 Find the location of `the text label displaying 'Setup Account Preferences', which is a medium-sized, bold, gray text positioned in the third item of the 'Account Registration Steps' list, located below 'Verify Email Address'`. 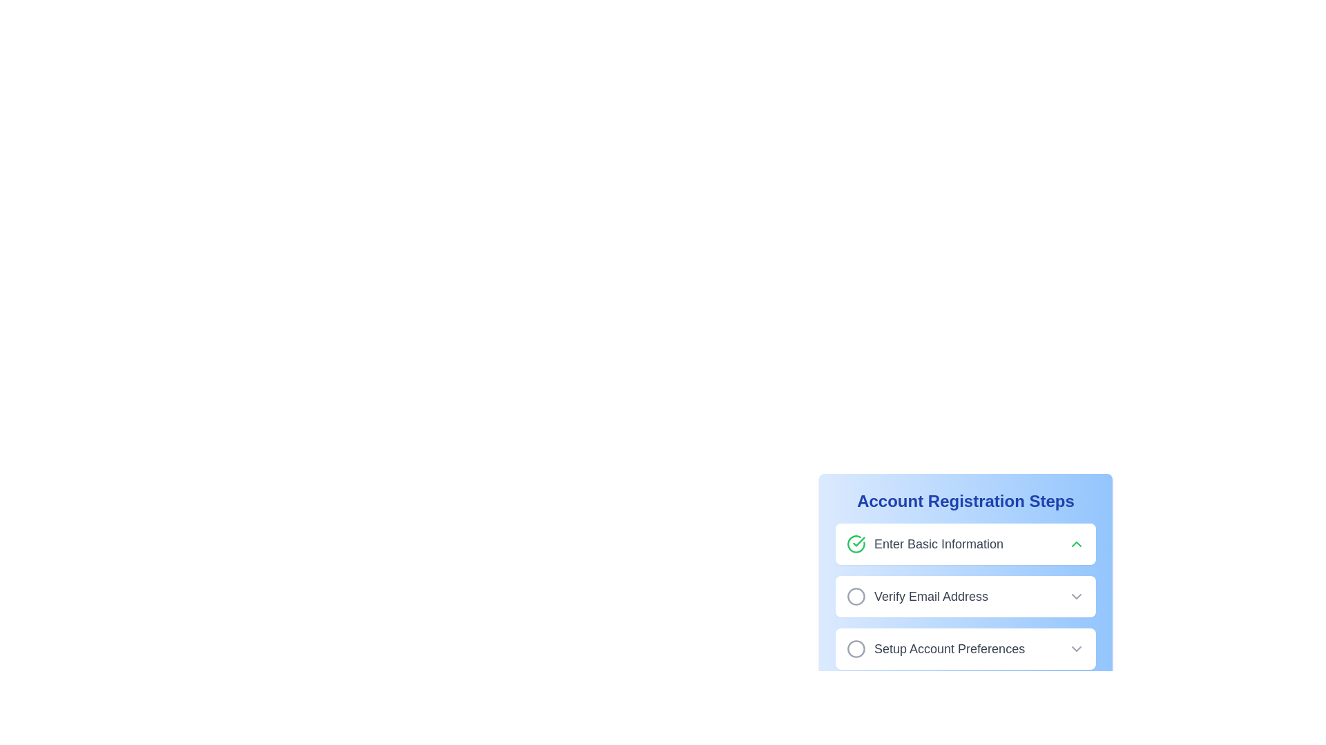

the text label displaying 'Setup Account Preferences', which is a medium-sized, bold, gray text positioned in the third item of the 'Account Registration Steps' list, located below 'Verify Email Address' is located at coordinates (949, 649).